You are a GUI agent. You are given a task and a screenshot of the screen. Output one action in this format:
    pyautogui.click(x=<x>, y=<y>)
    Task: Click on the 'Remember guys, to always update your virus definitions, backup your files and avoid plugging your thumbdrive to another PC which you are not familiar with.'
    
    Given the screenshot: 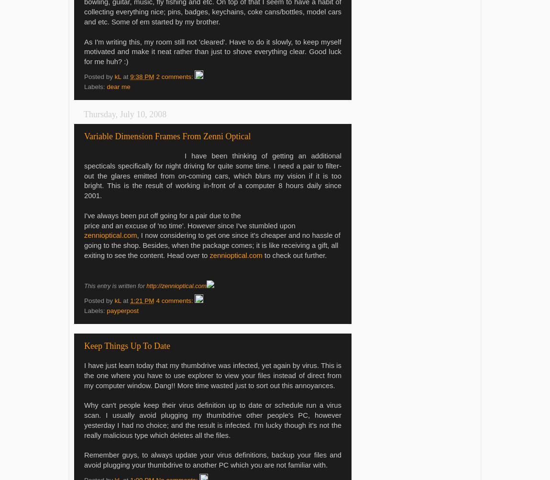 What is the action you would take?
    pyautogui.click(x=213, y=459)
    